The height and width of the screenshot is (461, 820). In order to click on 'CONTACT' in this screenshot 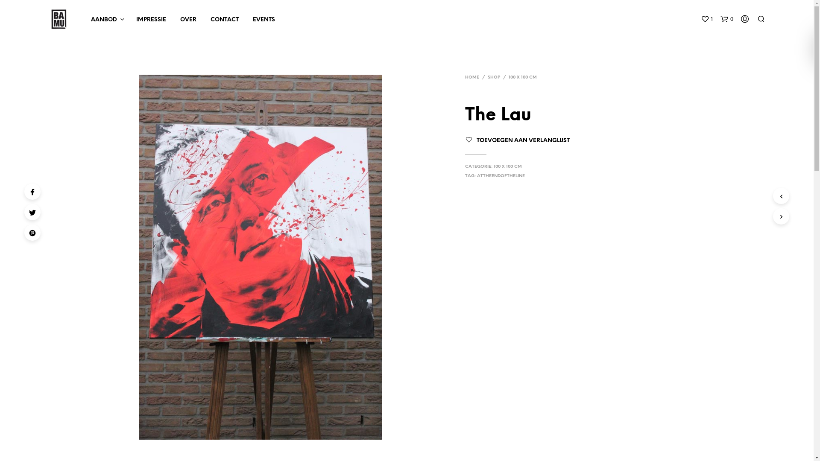, I will do `click(225, 19)`.